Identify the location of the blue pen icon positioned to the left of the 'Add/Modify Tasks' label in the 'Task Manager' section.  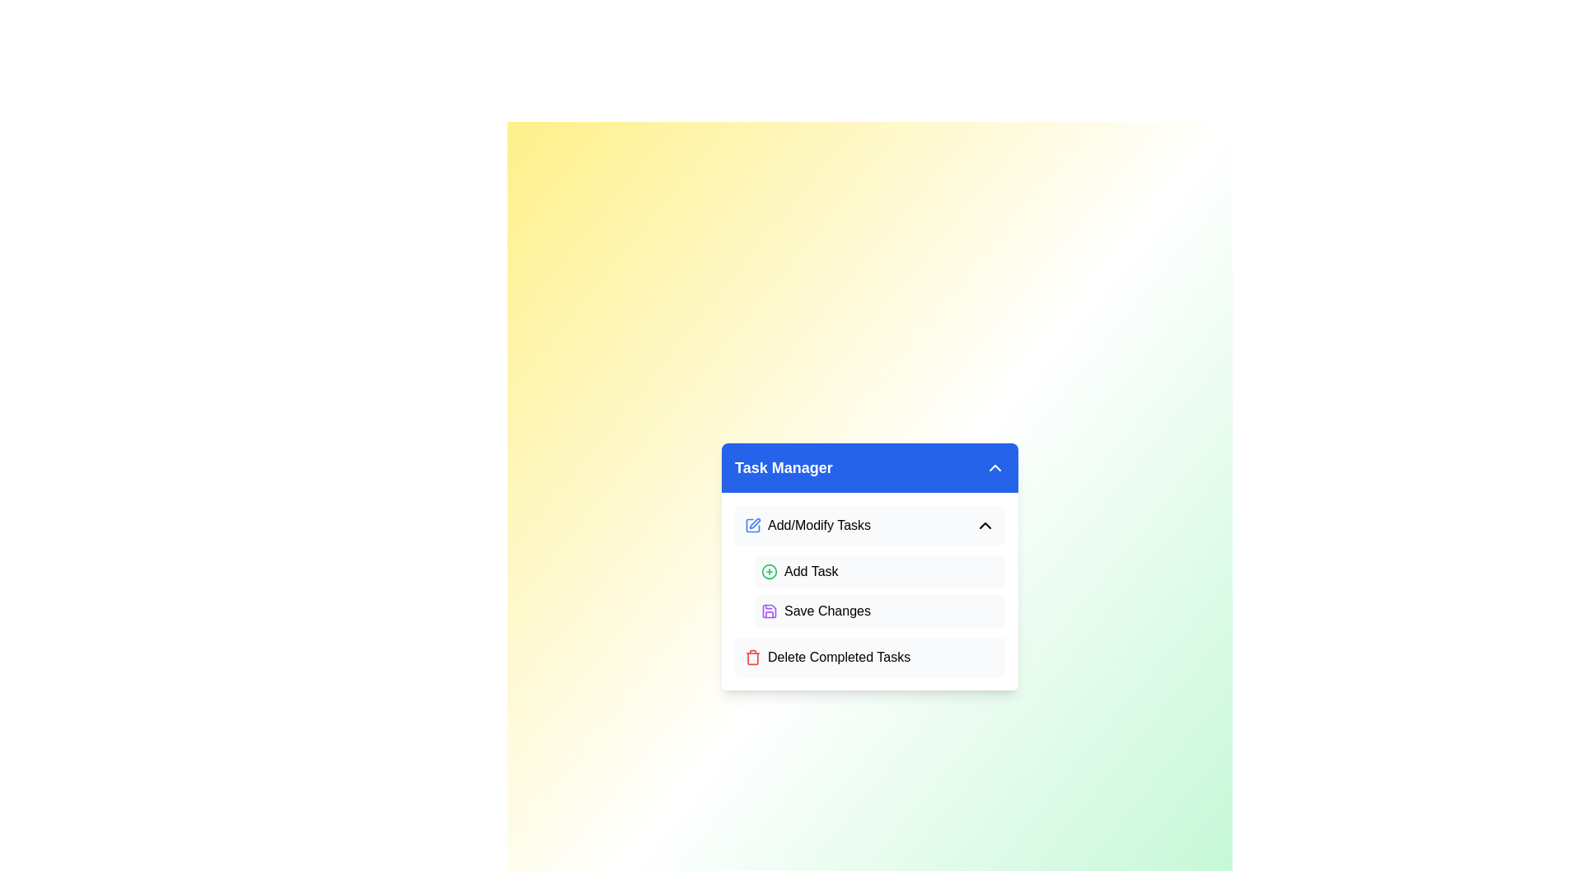
(754, 523).